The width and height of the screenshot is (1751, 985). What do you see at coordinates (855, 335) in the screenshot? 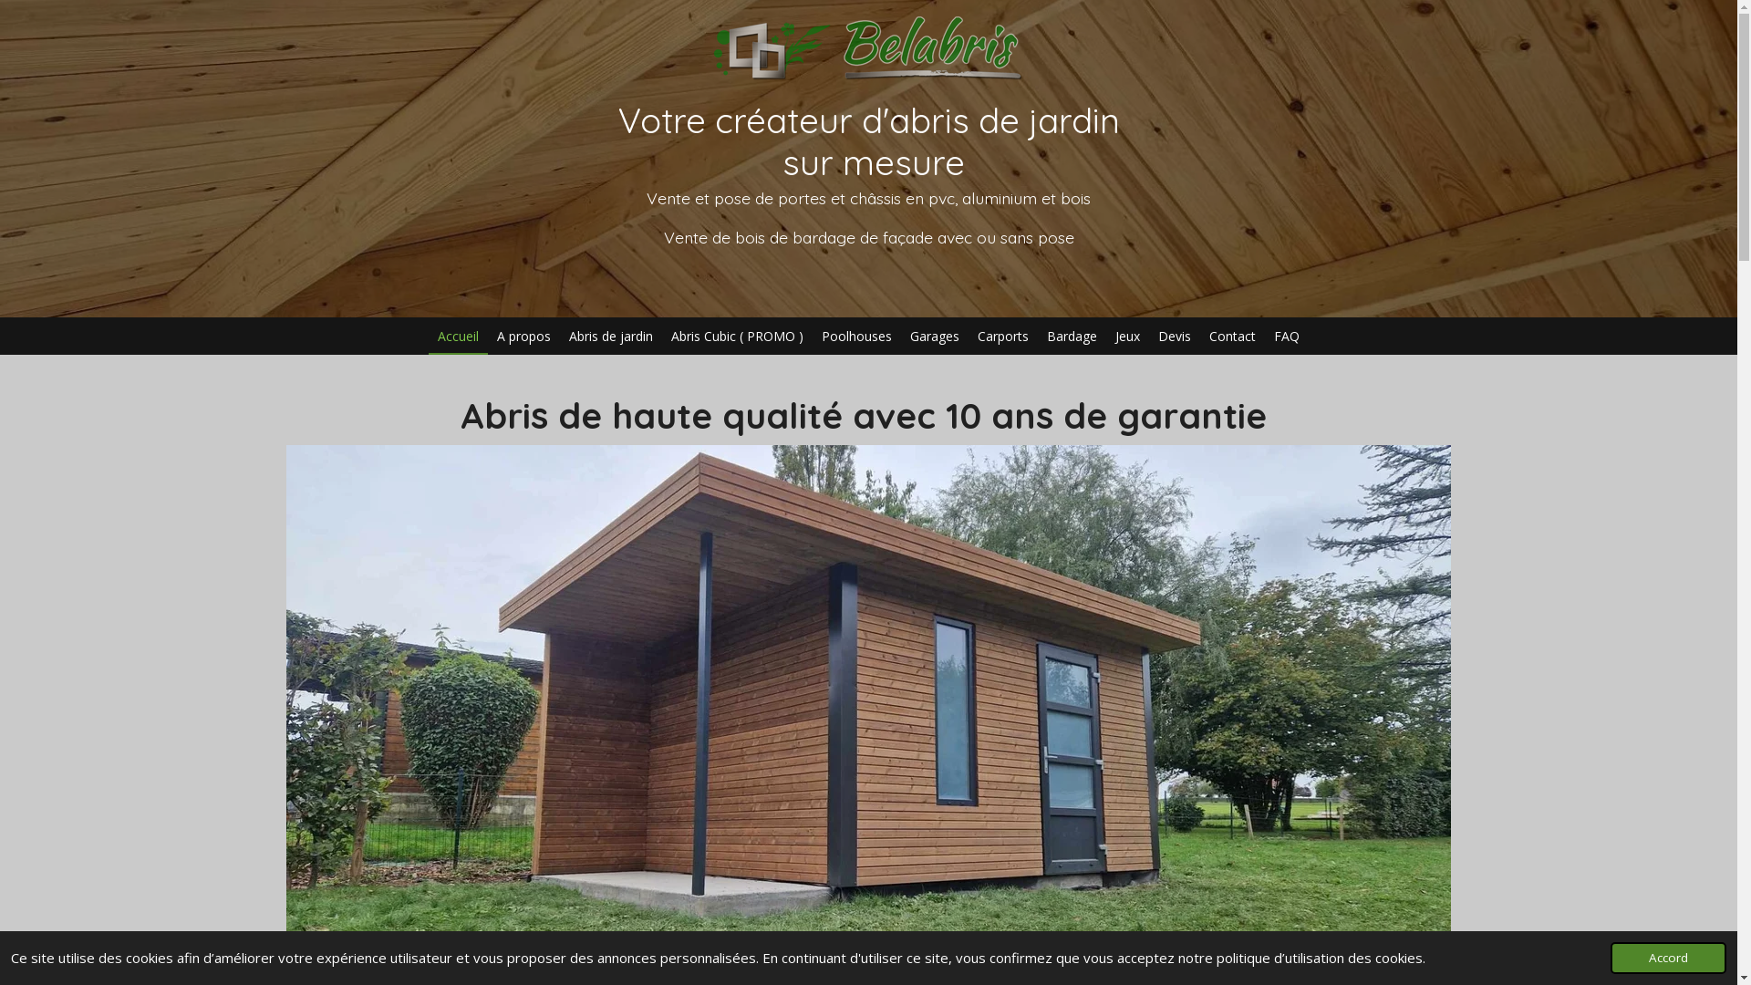
I see `'Poolhouses'` at bounding box center [855, 335].